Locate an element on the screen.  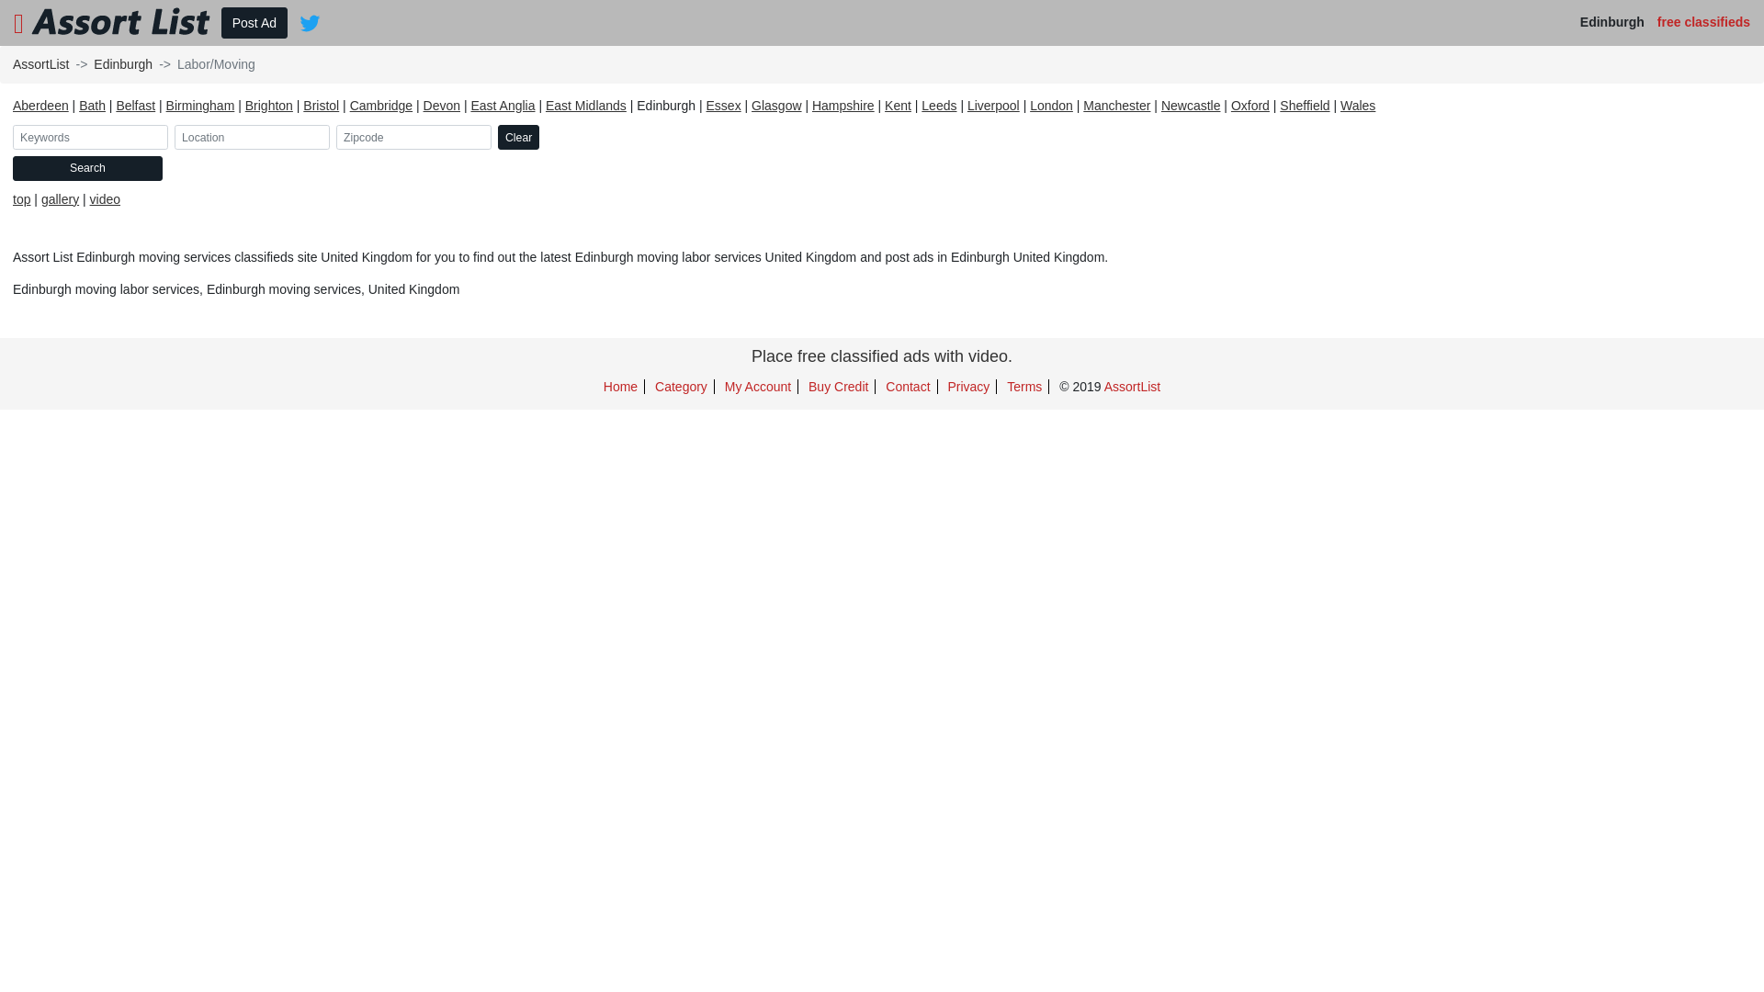
'Wales' is located at coordinates (1358, 106).